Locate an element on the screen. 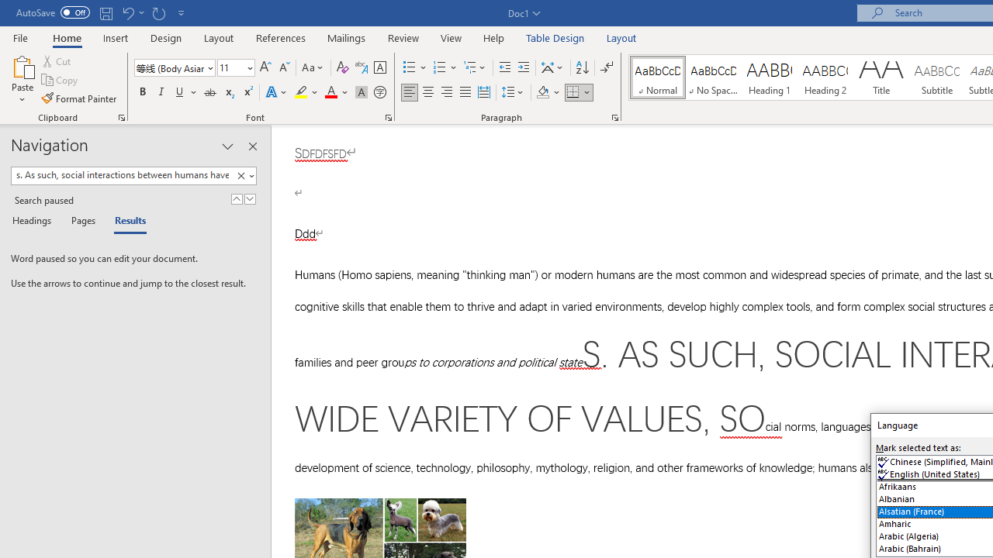 The width and height of the screenshot is (993, 558). 'Undo Style' is located at coordinates (127, 12).